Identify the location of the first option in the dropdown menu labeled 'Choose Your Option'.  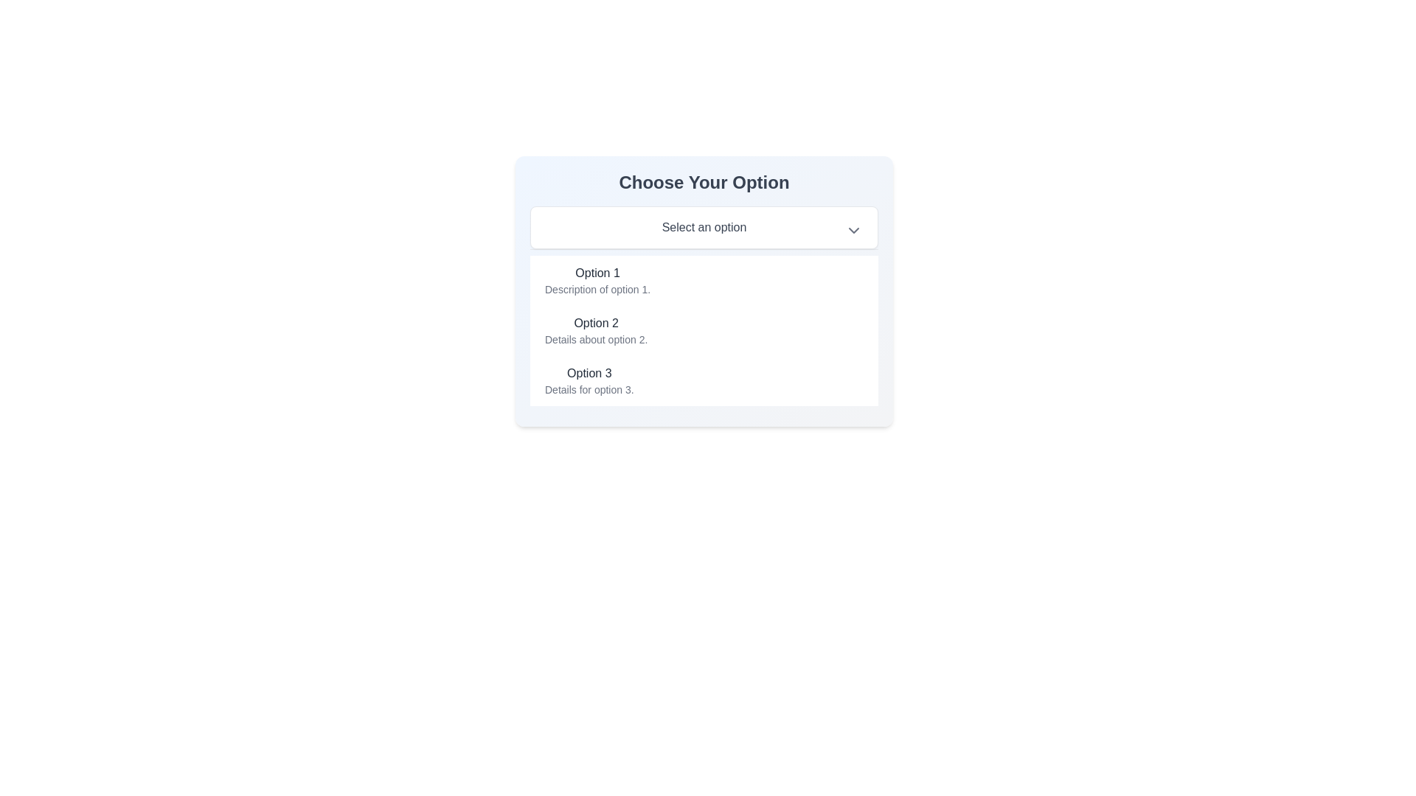
(597, 281).